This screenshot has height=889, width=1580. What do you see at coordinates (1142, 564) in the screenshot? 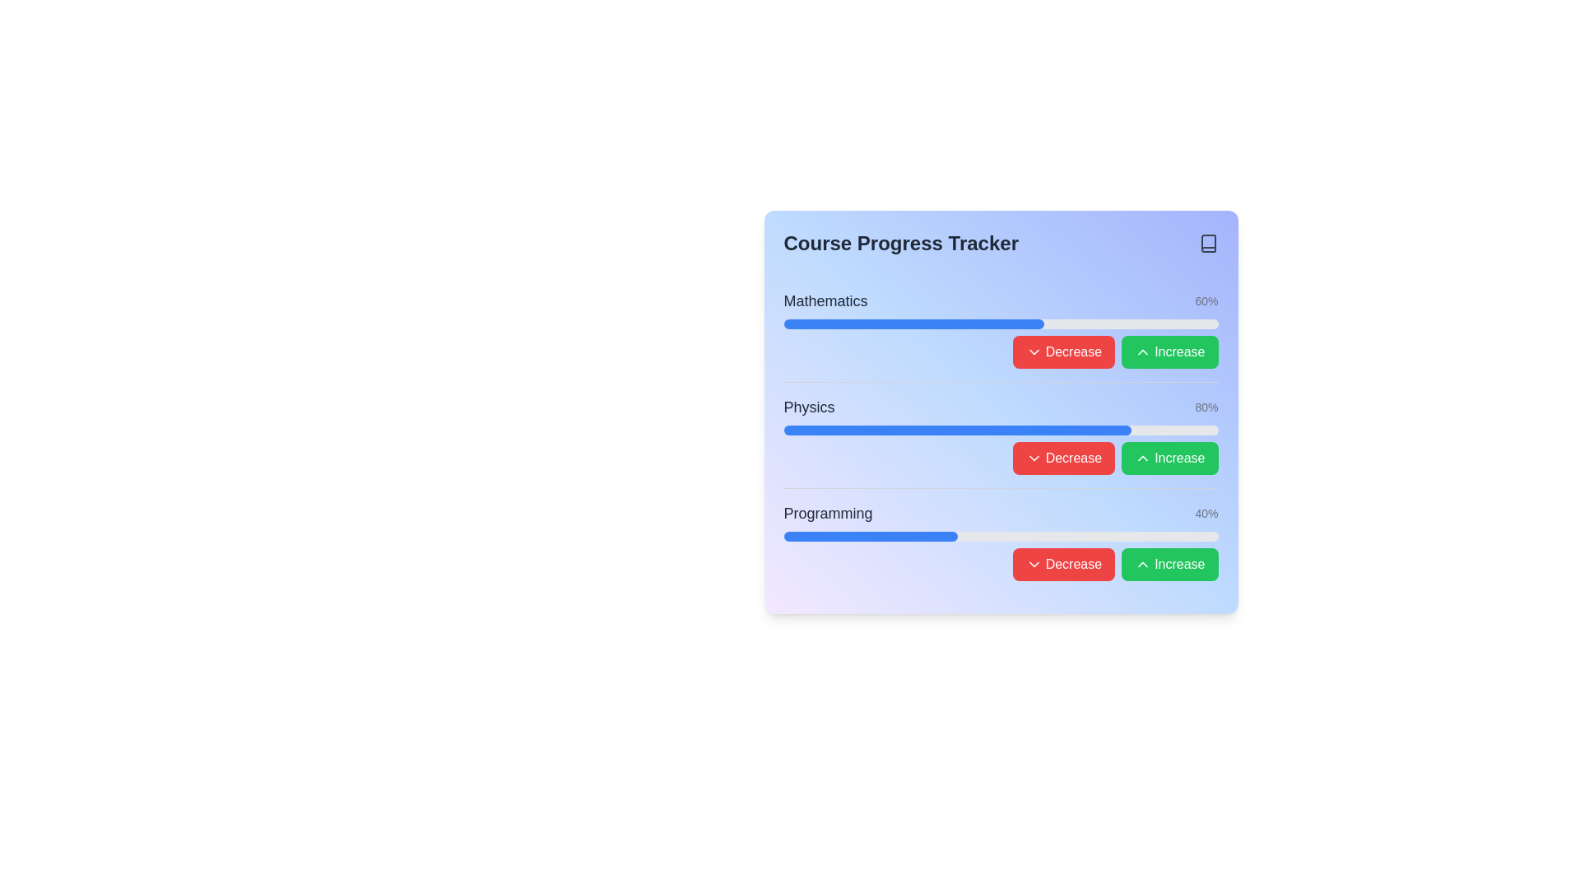
I see `the upward-pointing chevron icon with a green background located inside the 'Increase' button for the 'Programming' progress bar` at bounding box center [1142, 564].